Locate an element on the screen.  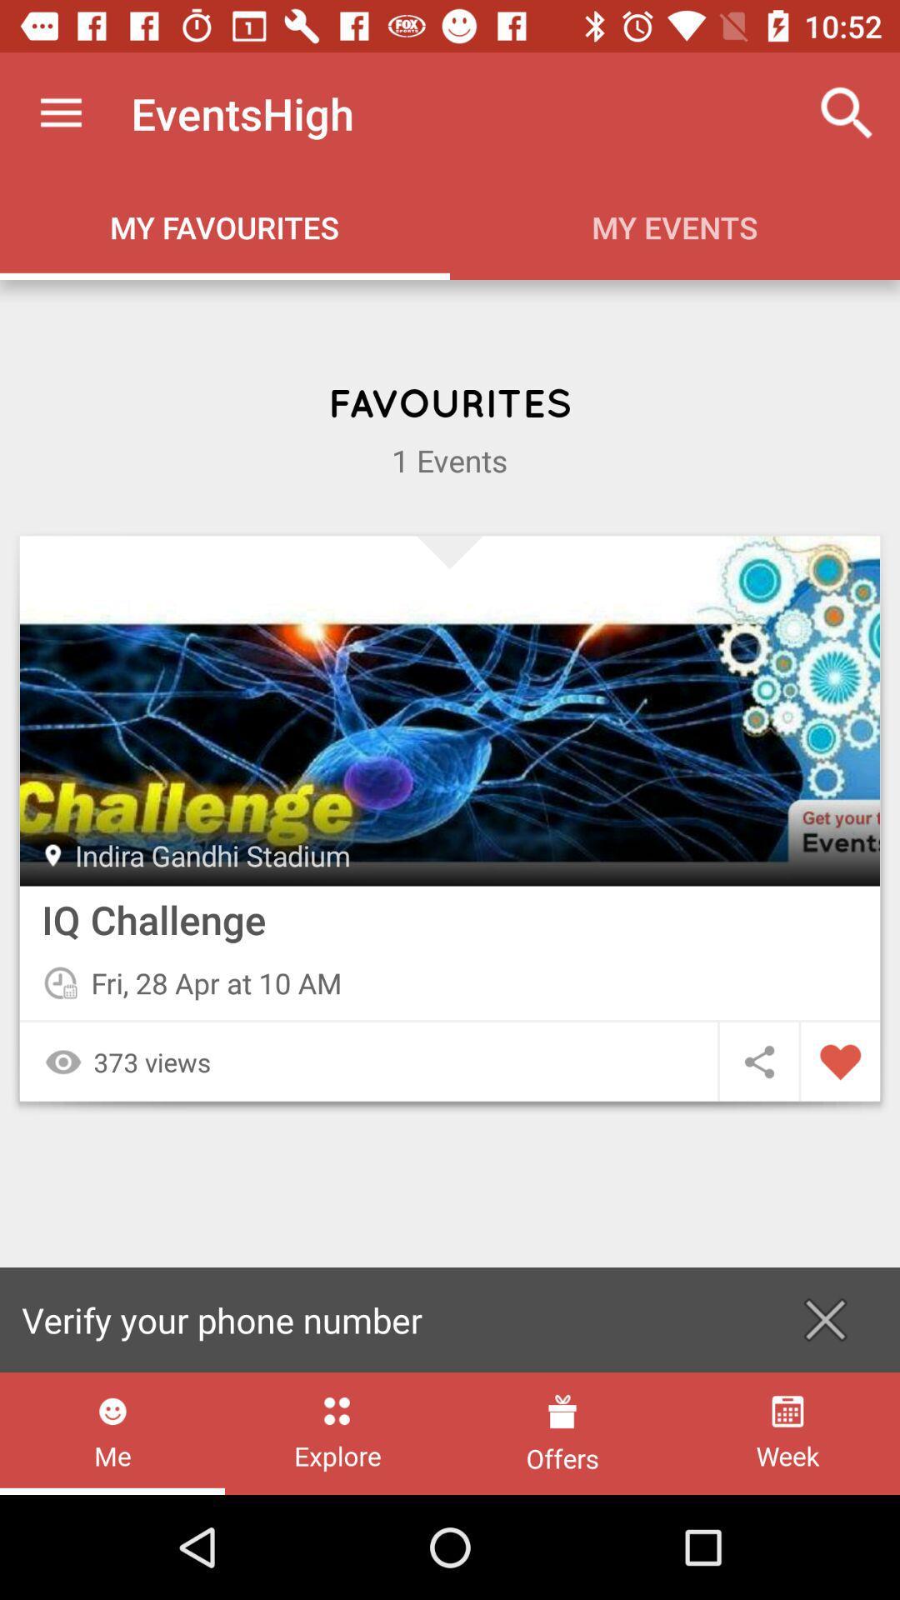
the close icon is located at coordinates (825, 1319).